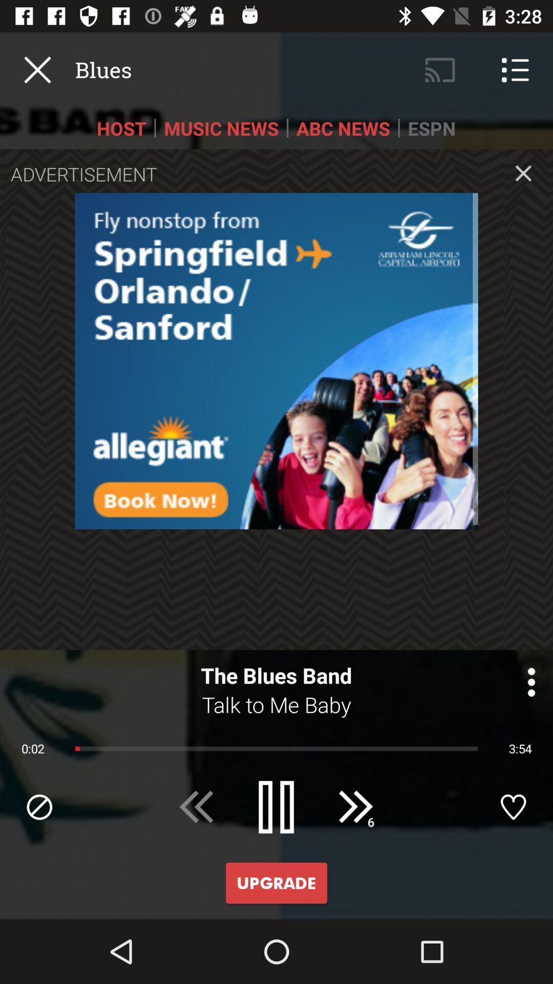  I want to click on the av_forward icon, so click(355, 806).